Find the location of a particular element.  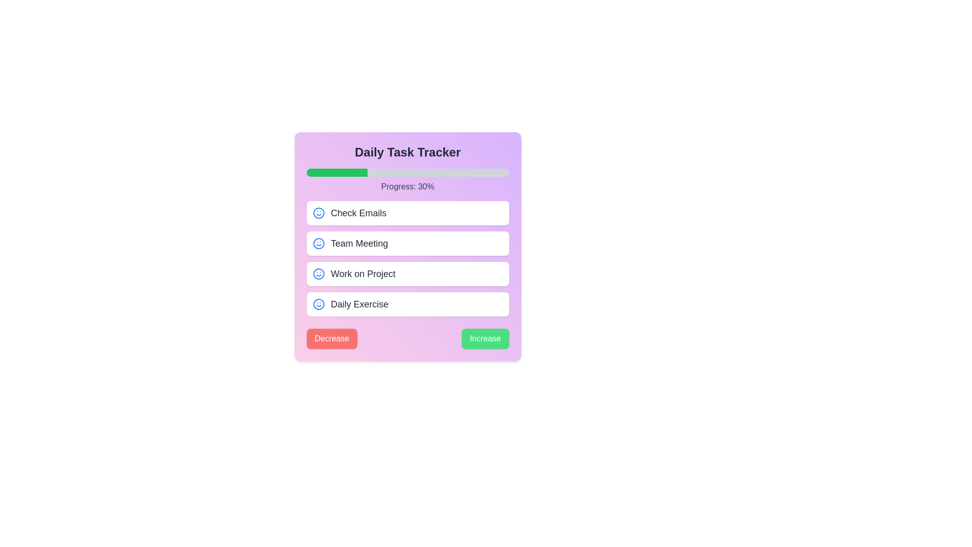

the 'Decrease' button in the task tracker application is located at coordinates (332, 338).